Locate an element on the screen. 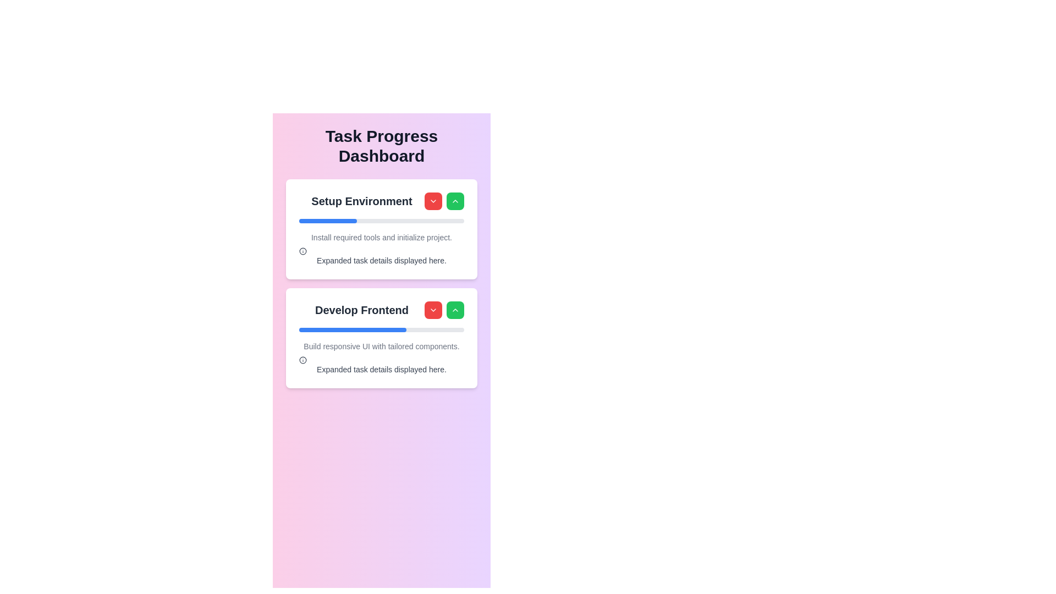 The height and width of the screenshot is (594, 1056). the text label that displays 'Expanded task details displayed here.' is located at coordinates (382, 369).